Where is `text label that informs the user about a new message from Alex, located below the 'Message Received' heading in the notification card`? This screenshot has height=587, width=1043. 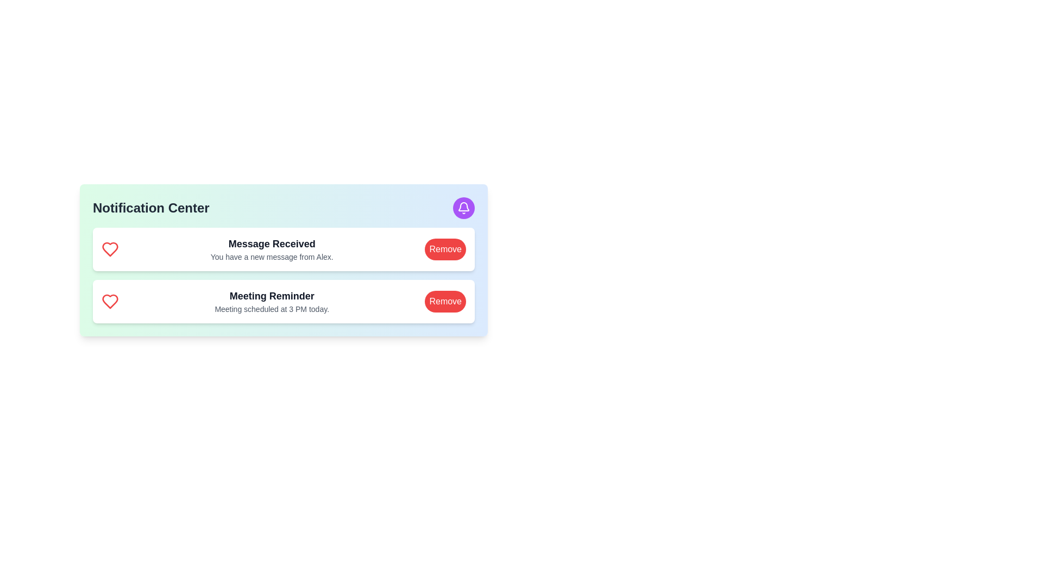 text label that informs the user about a new message from Alex, located below the 'Message Received' heading in the notification card is located at coordinates (272, 257).